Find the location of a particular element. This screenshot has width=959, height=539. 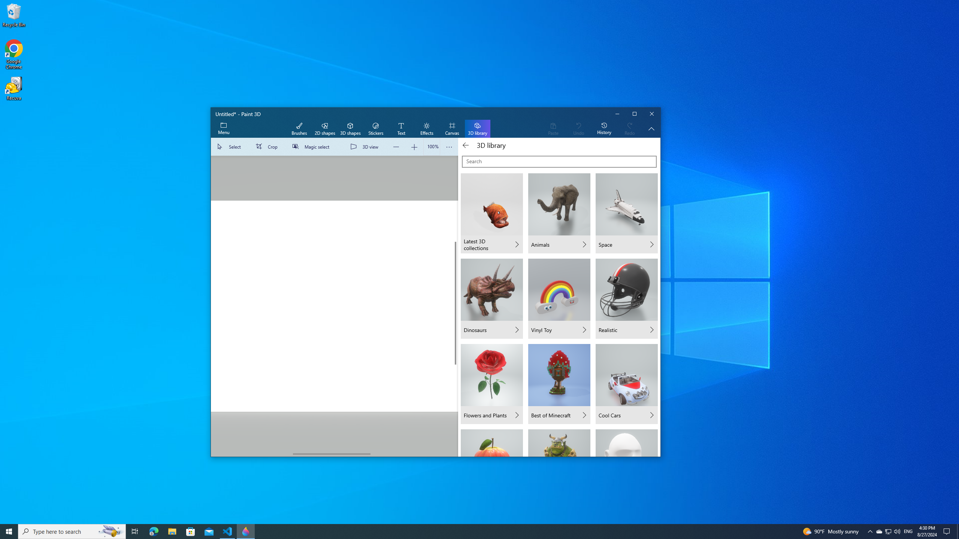

'3D library' is located at coordinates (477, 129).